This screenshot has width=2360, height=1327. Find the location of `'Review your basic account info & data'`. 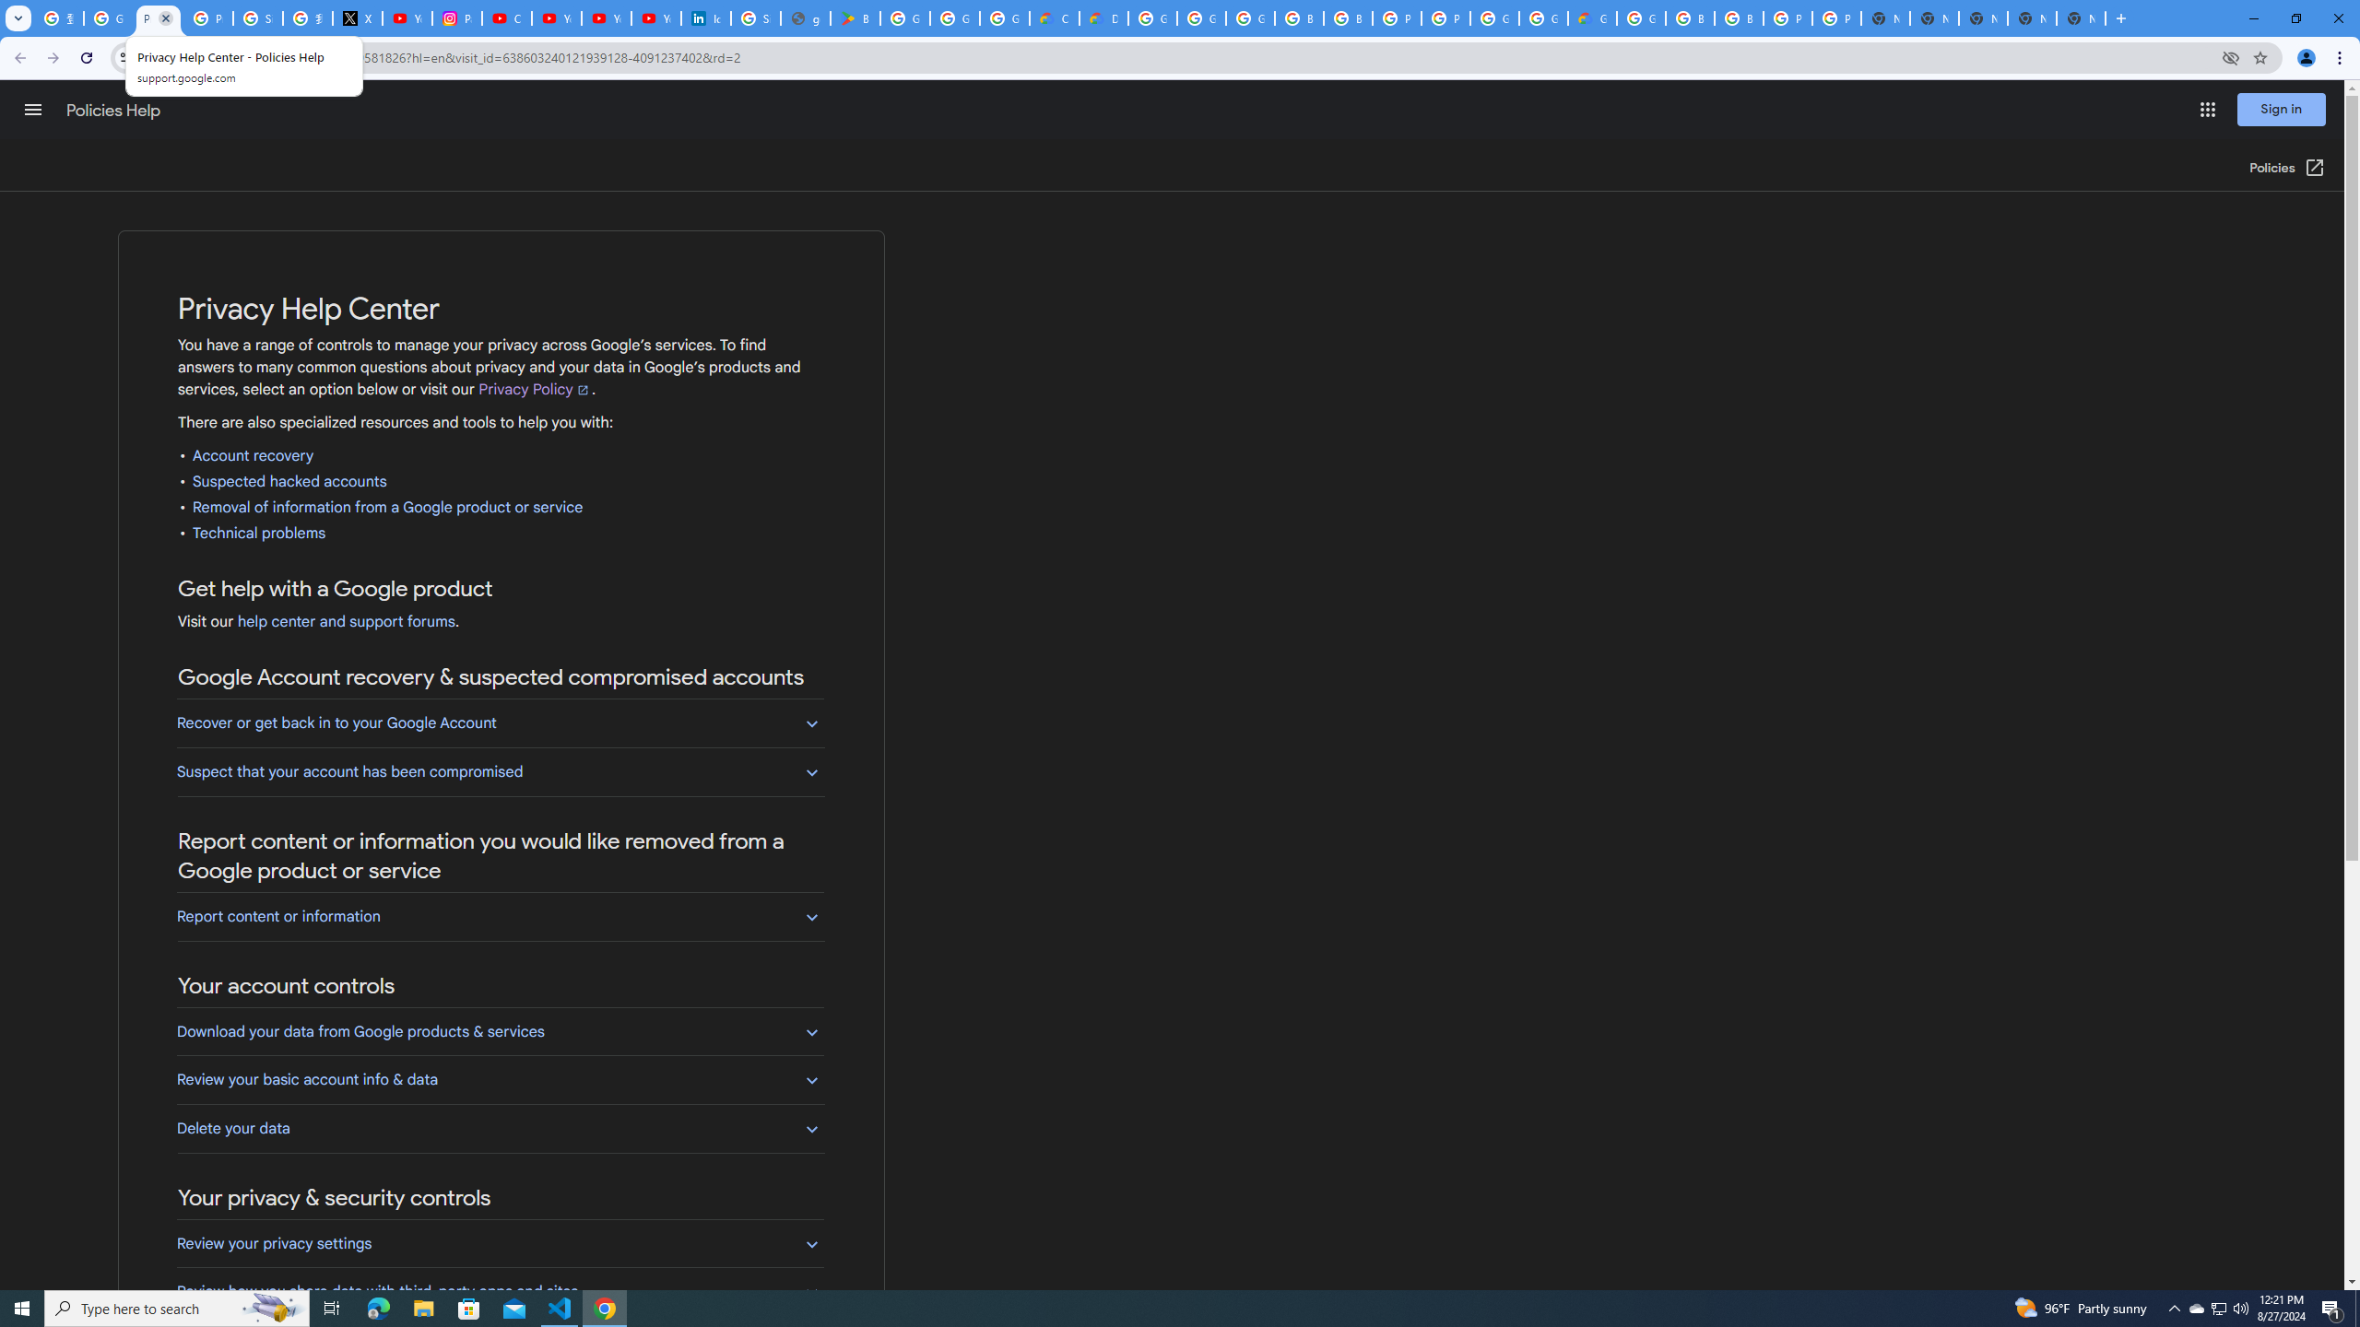

'Review your basic account info & data' is located at coordinates (500, 1079).